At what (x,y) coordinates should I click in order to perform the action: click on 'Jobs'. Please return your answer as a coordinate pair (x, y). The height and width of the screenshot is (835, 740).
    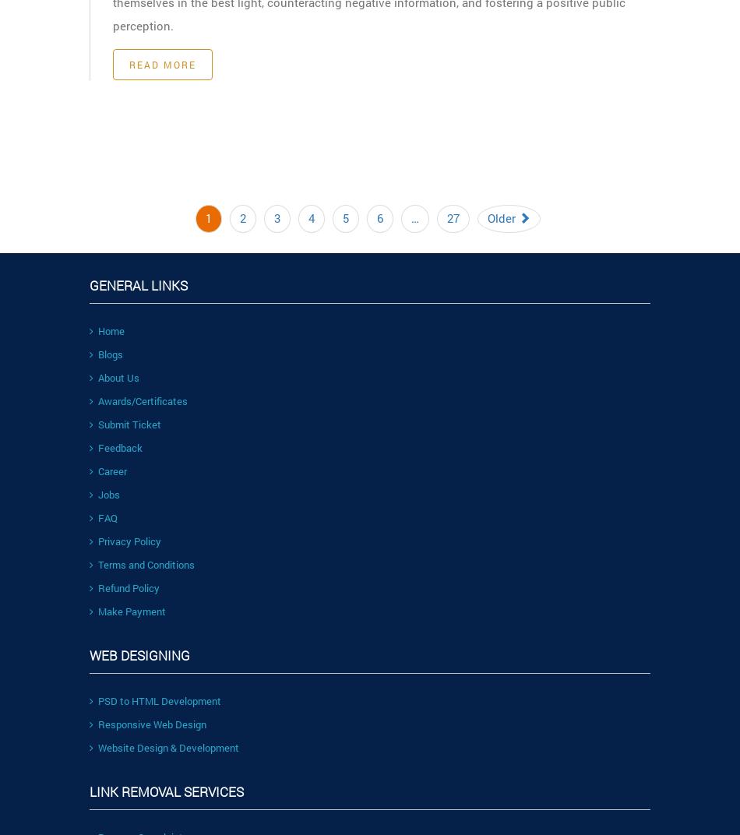
    Looking at the image, I should click on (109, 493).